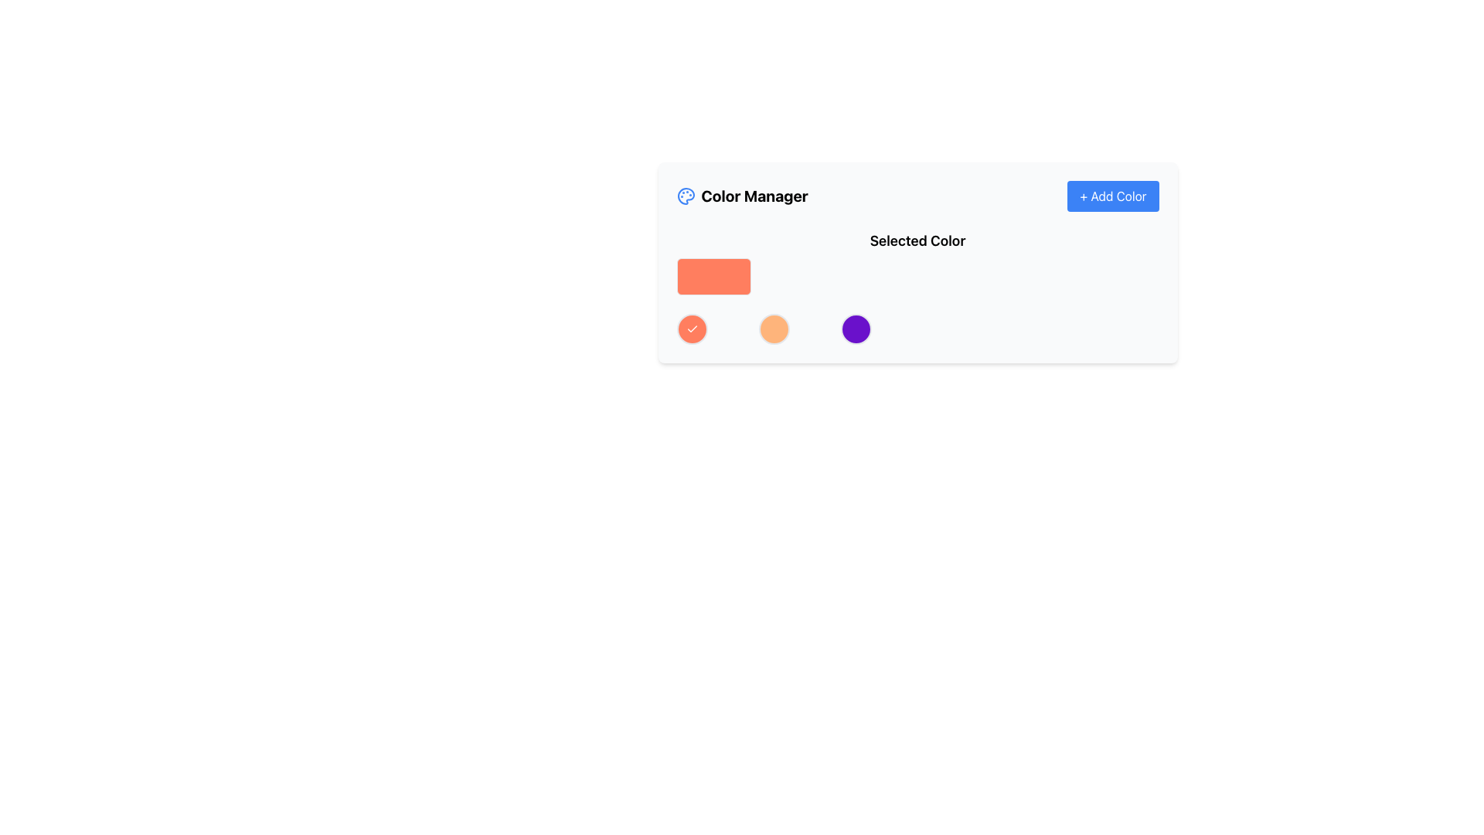 This screenshot has width=1484, height=835. Describe the element at coordinates (713, 276) in the screenshot. I see `the orange-red rectangular color selector element located in the 'Selected Color' group, positioned below the title text` at that location.